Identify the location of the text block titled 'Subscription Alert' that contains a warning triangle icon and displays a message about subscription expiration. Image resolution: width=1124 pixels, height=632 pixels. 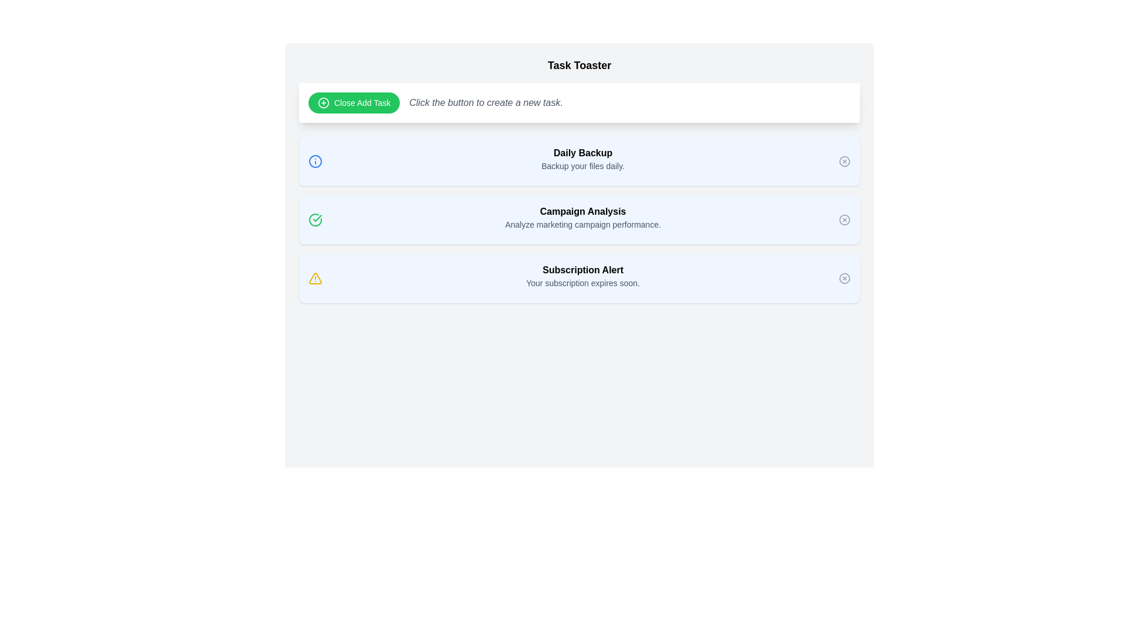
(583, 278).